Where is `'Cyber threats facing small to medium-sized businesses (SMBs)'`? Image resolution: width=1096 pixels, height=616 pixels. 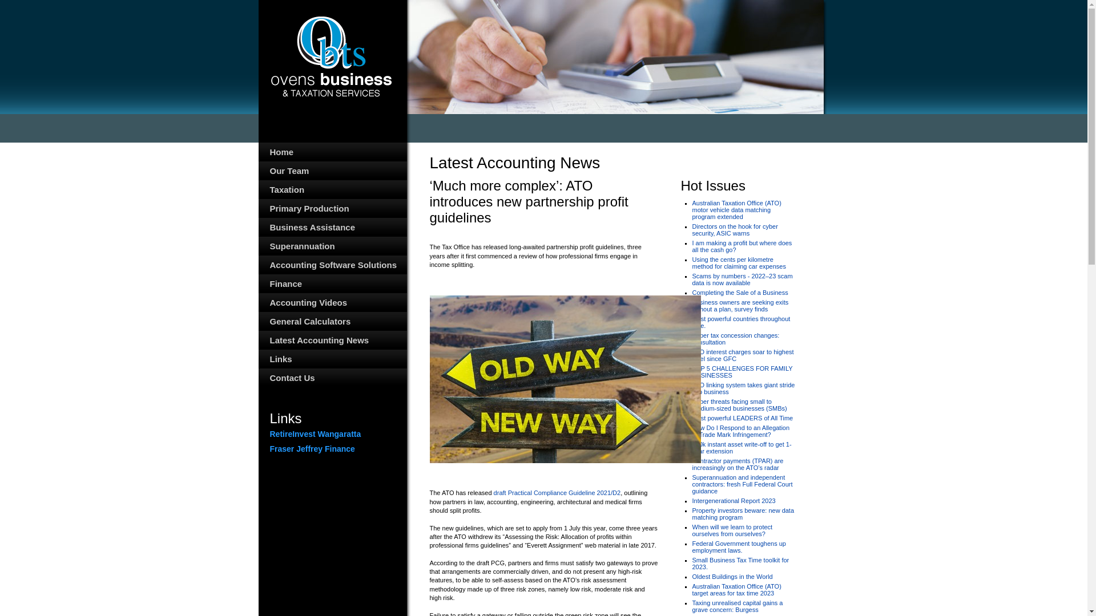
'Cyber threats facing small to medium-sized businesses (SMBs)' is located at coordinates (691, 404).